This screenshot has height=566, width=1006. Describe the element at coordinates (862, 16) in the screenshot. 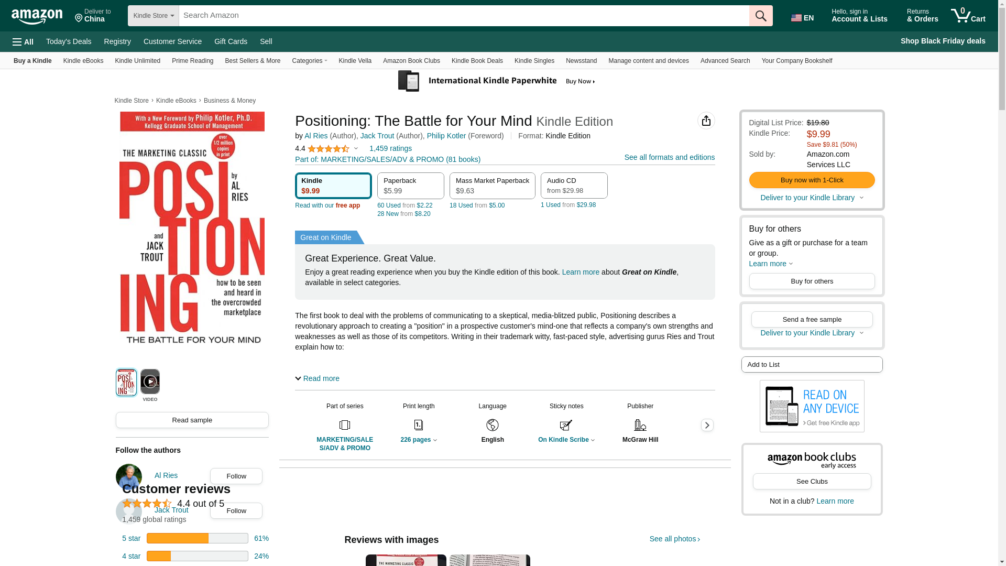

I see `'Hello, sign in` at that location.